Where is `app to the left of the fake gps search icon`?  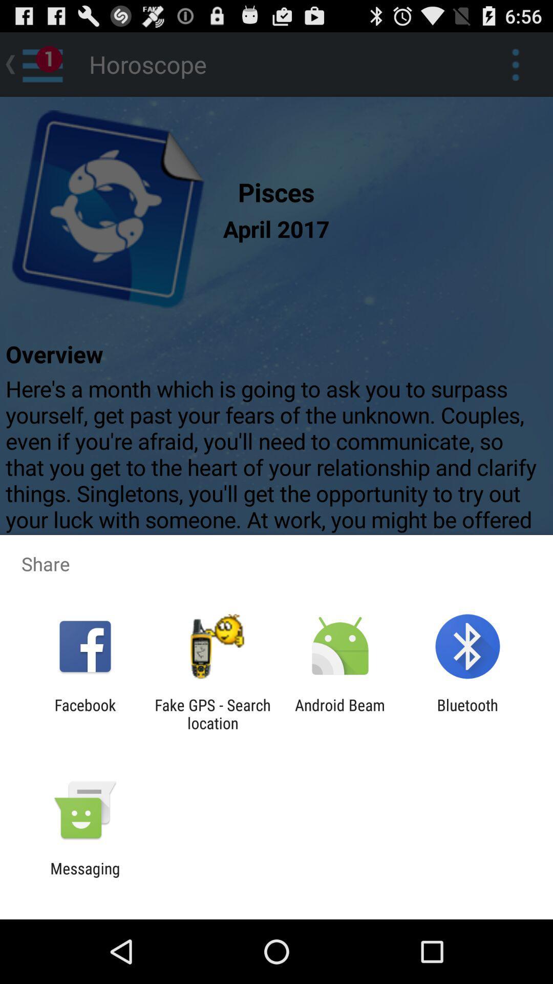
app to the left of the fake gps search icon is located at coordinates (84, 713).